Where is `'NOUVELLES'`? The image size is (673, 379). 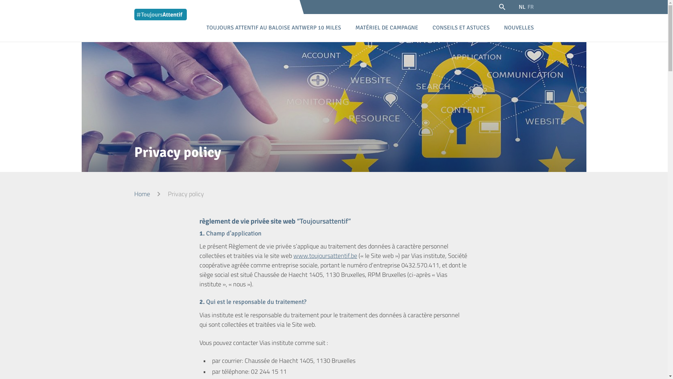 'NOUVELLES' is located at coordinates (518, 26).